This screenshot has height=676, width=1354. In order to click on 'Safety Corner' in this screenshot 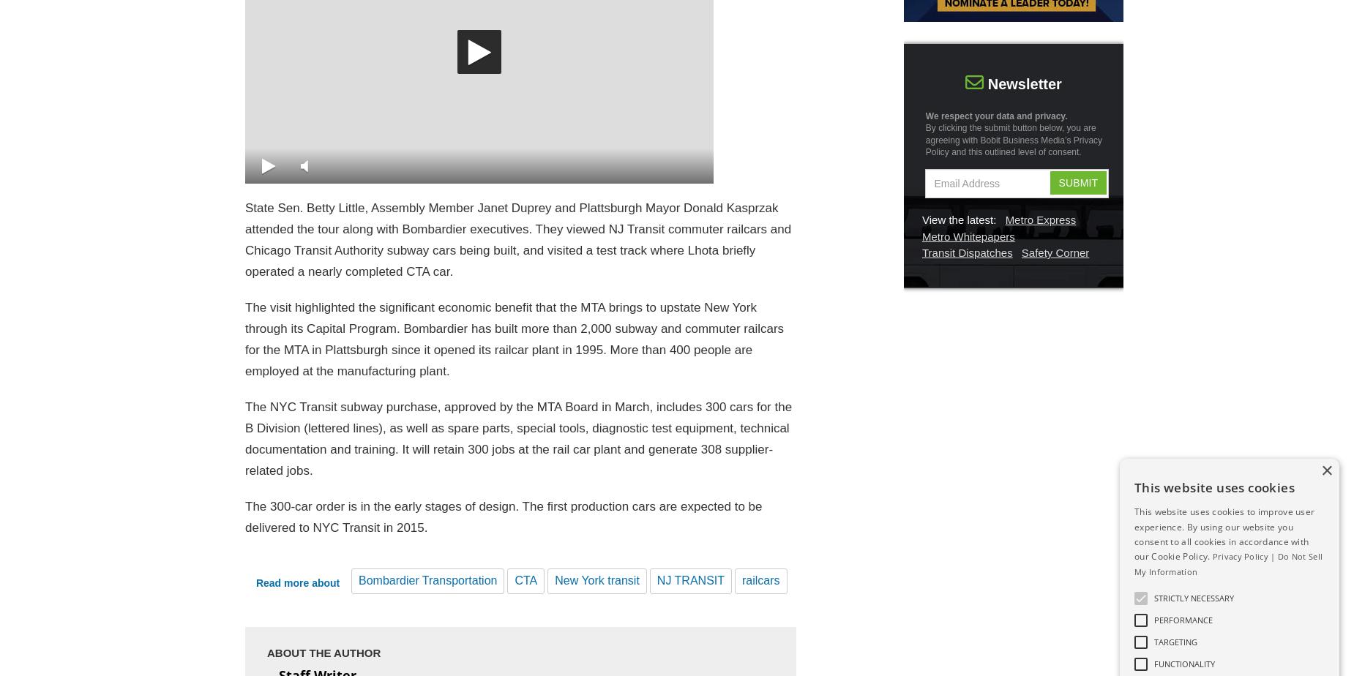, I will do `click(1055, 252)`.